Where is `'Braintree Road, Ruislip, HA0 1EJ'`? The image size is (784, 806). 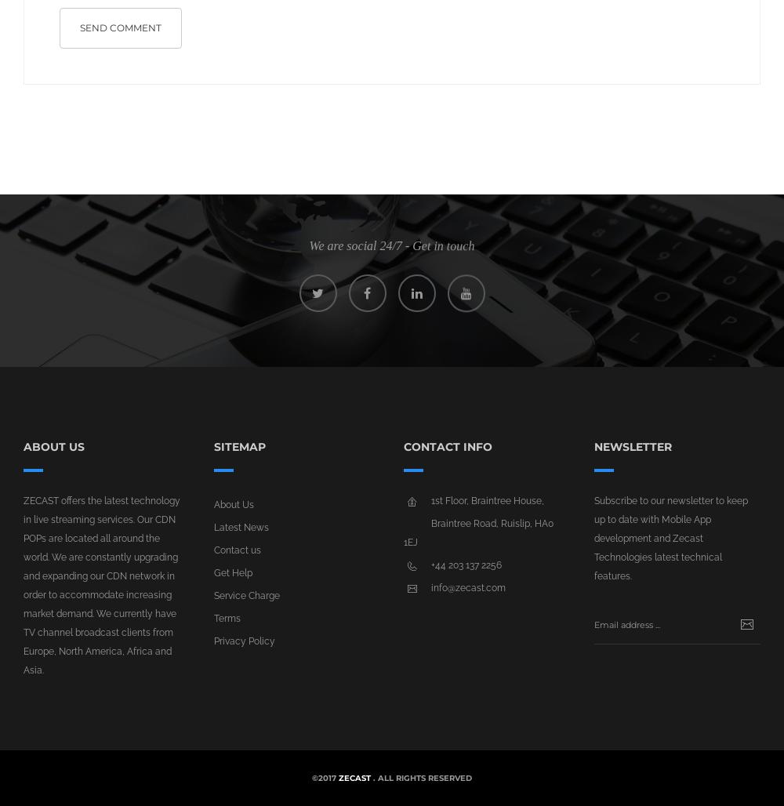 'Braintree Road, Ruislip, HA0 1EJ' is located at coordinates (477, 533).